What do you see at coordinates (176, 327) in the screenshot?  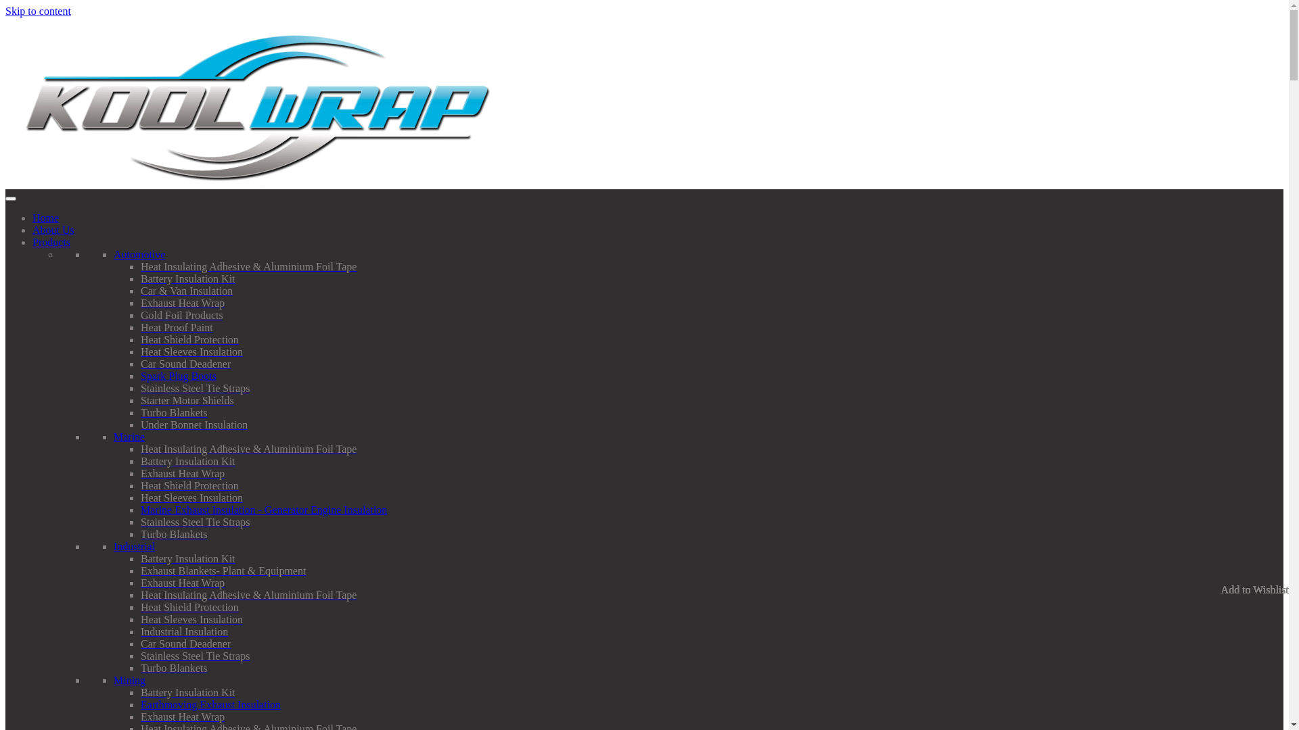 I see `'Heat Proof Paint'` at bounding box center [176, 327].